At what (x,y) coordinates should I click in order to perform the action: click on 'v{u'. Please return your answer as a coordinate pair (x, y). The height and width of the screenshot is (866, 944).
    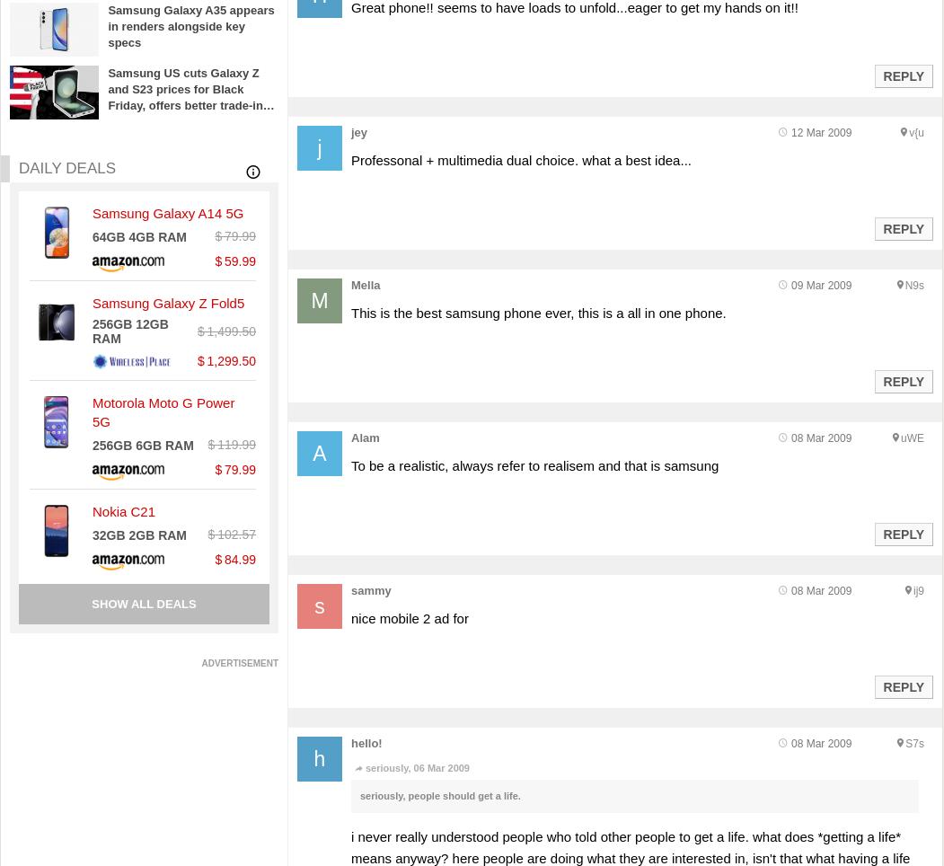
    Looking at the image, I should click on (915, 132).